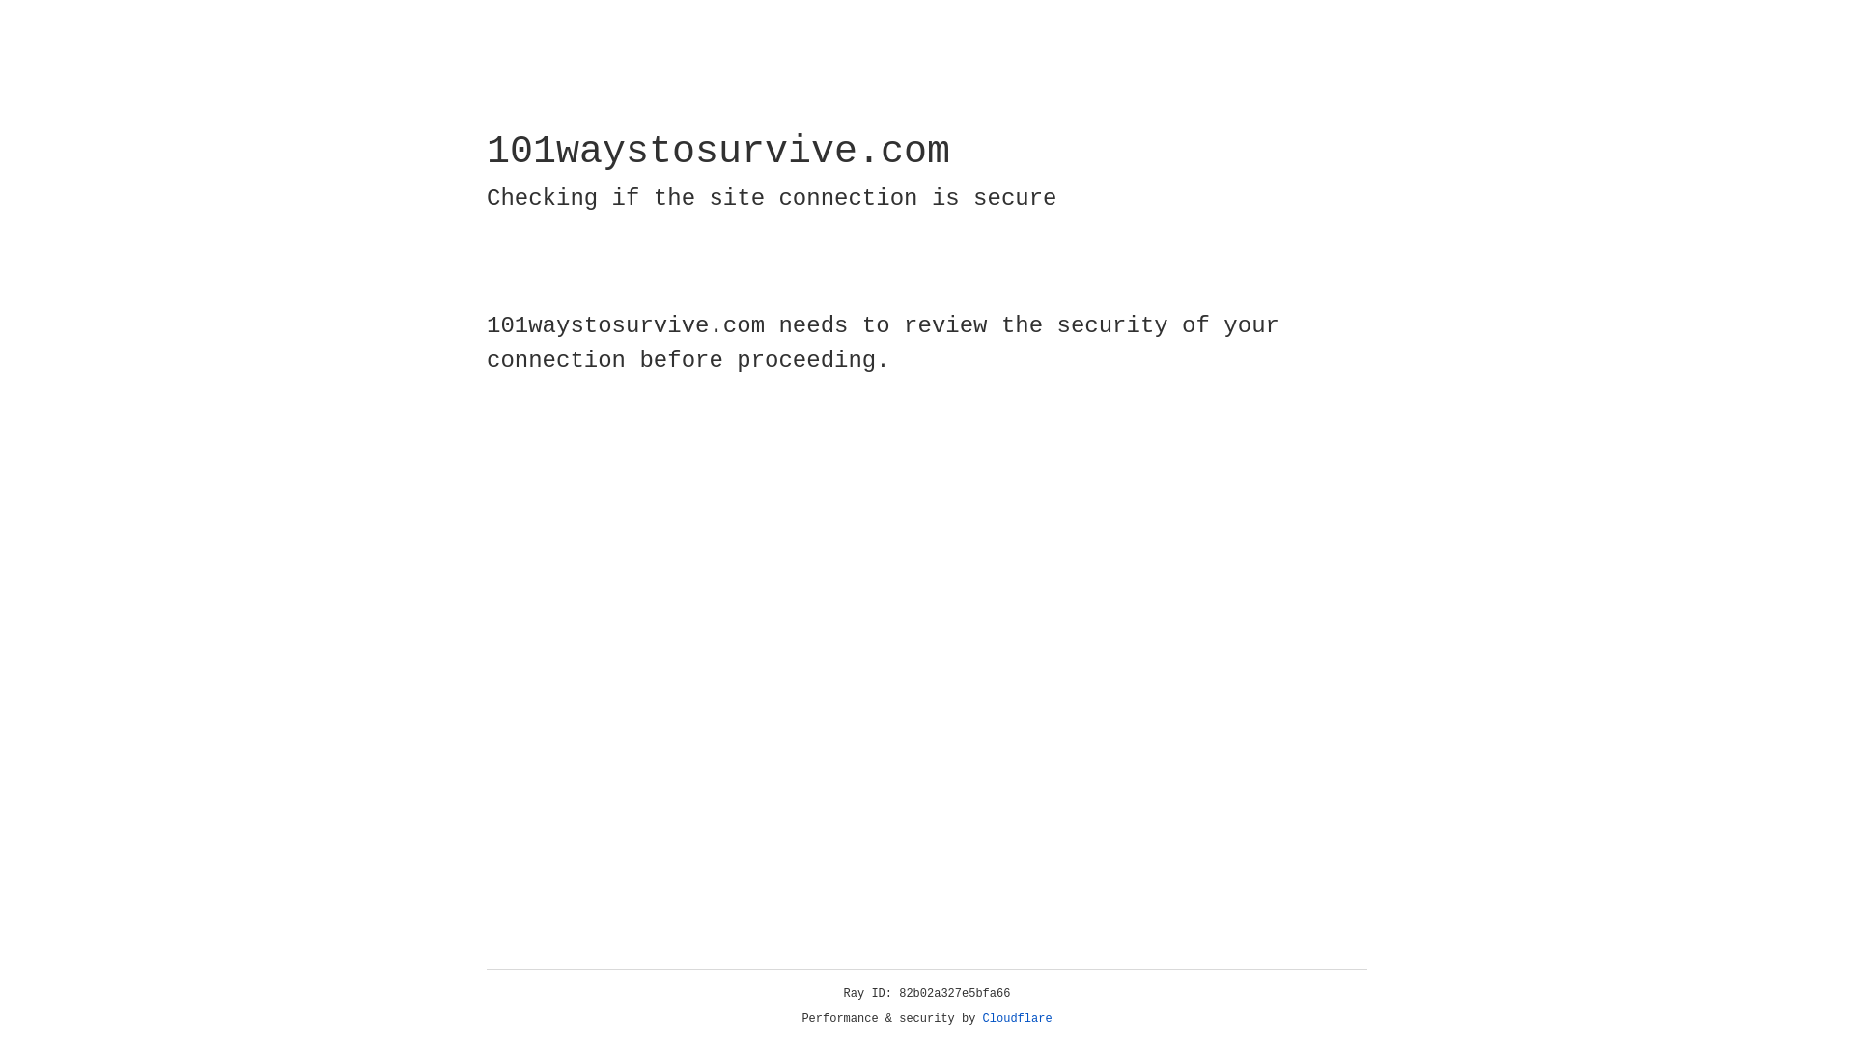  I want to click on 'Cloudflare', so click(982, 1018).